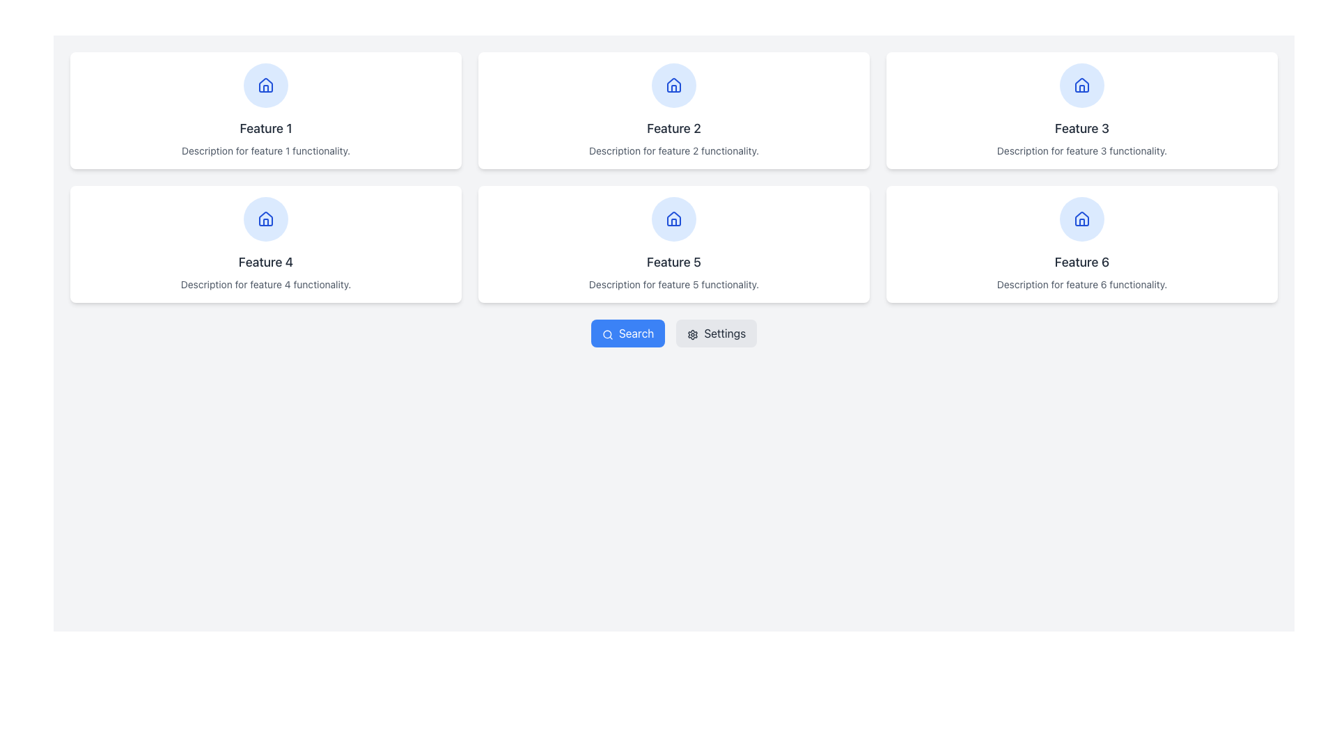 Image resolution: width=1337 pixels, height=752 pixels. I want to click on the graphical house icon that serves as a visual identifier for the 'Feature 3' section, located in the third icon row above the label 'Feature 3', so click(1081, 85).